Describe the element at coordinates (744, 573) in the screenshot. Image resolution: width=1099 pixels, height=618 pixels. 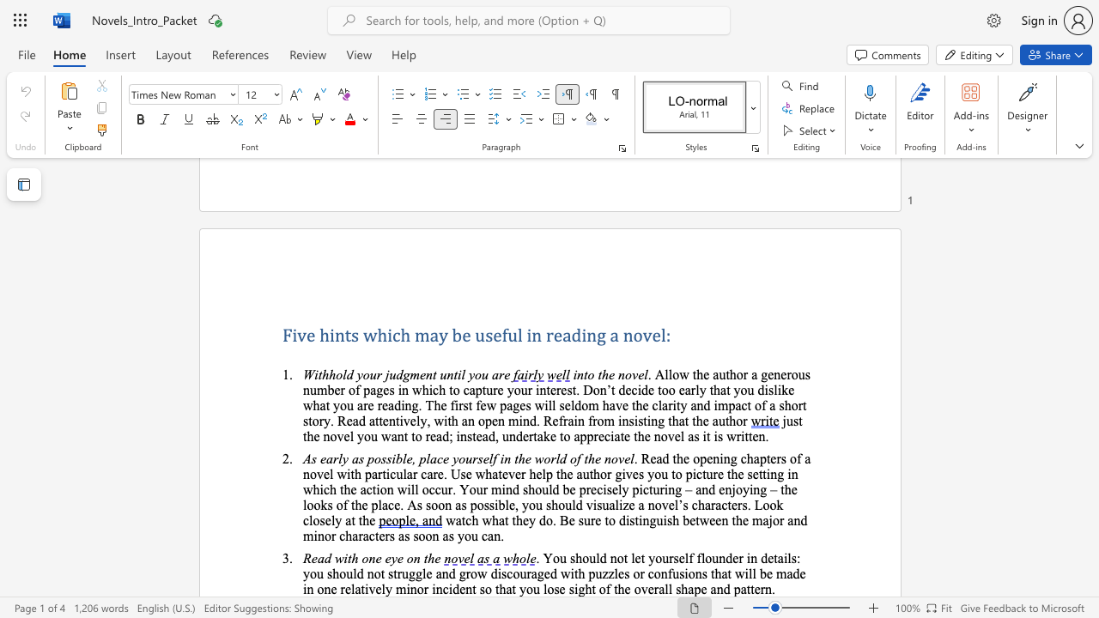
I see `the subset text "il" within the text ". You should not let yourself flounder in details: you should not struggle and grow discouraged with puzzles or confusions that will be made in one"` at that location.